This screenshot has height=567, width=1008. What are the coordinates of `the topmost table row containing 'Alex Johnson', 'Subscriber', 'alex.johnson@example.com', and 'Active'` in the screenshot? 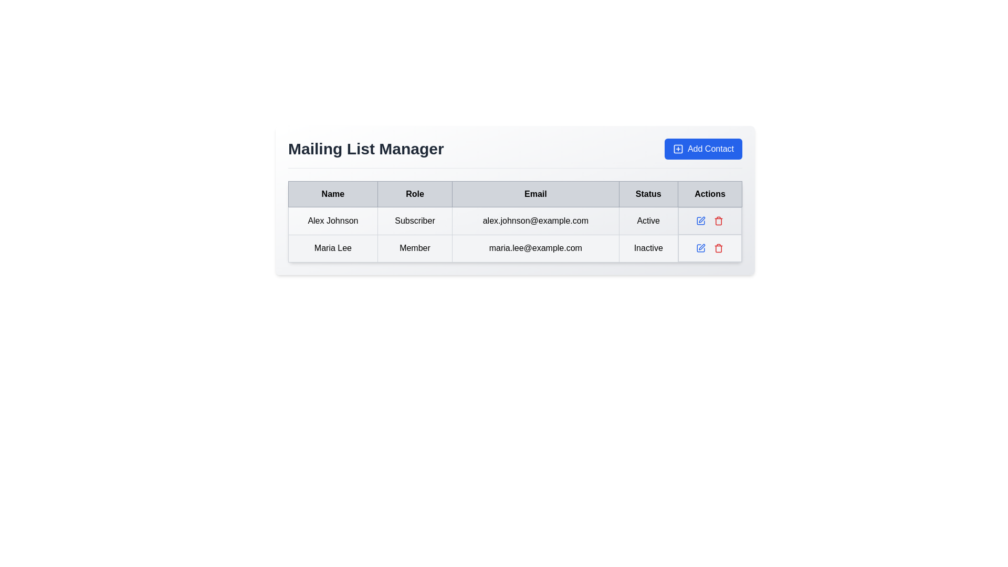 It's located at (515, 220).